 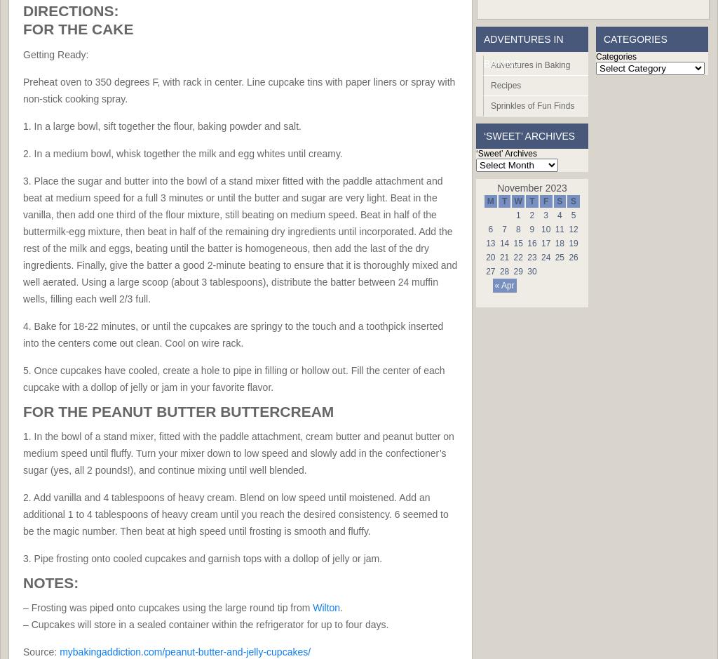 I want to click on '3. Place the sugar and butter into the bowl of a stand mixer fitted with the paddle attachment and beat at medium speed for a full 3 minutes or until the butter and sugar are very light. Beat in the vanilla, then add one third of the flour mixture, still beating on medium speed. Beat in half of the buttermilk-egg mixture, then beat in half of the remaining dry ingredients until incorporated. Add the rest of the milk and eggs, beating until the batter is homogeneous, then add the last of the dry ingredients. Finally, give the batter a good 2-minute beating to ensure that it is thoroughly mixed and well aerated. Using a large scoop (about 3 tablespoons), distribute the batter between 24 muffin wells, filling each well 2/3 full.', so click(x=240, y=239).